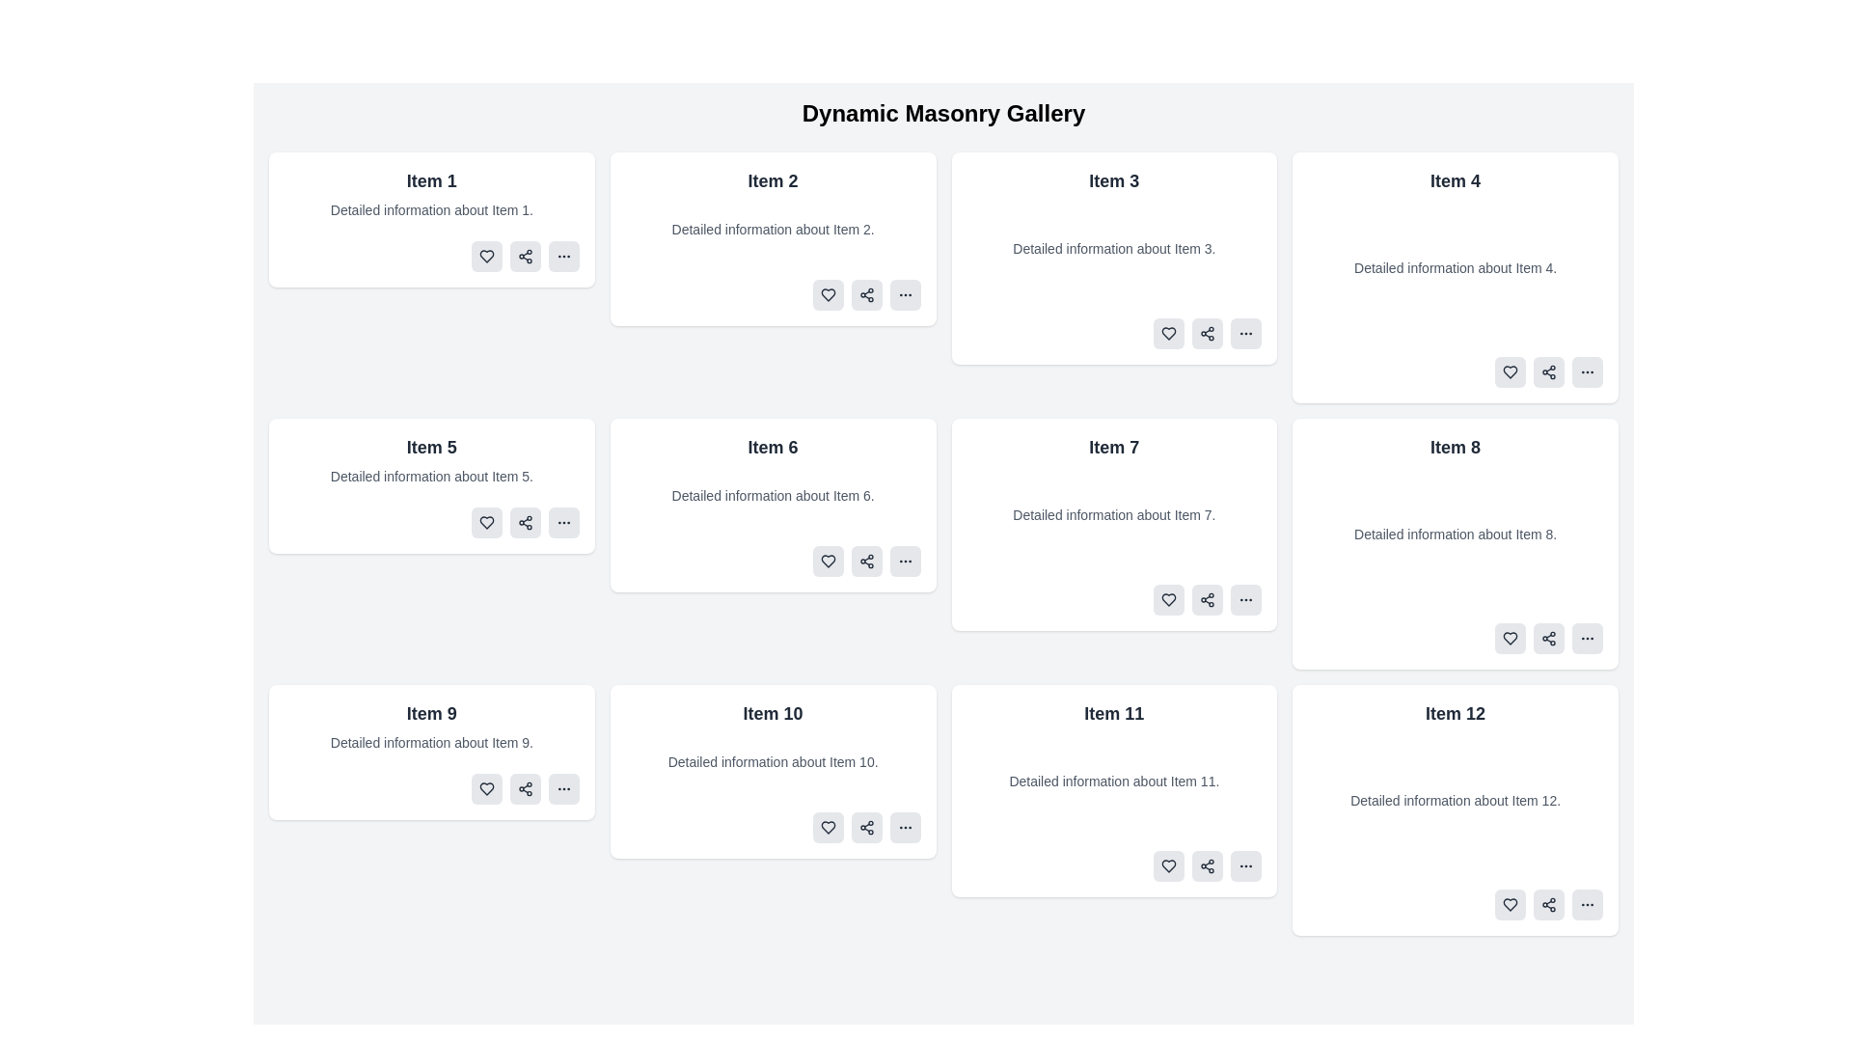 This screenshot has width=1852, height=1042. What do you see at coordinates (486, 788) in the screenshot?
I see `the 'like' icon button located at the bottom right corner of the 'Item 9' card` at bounding box center [486, 788].